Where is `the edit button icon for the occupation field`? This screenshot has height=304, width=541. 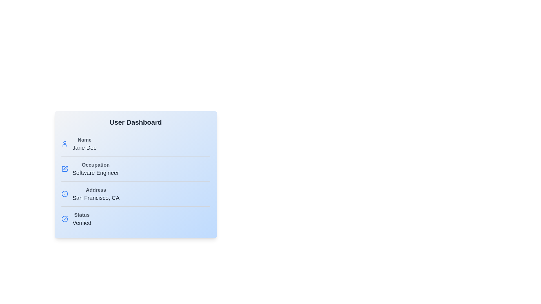 the edit button icon for the occupation field is located at coordinates (65, 169).